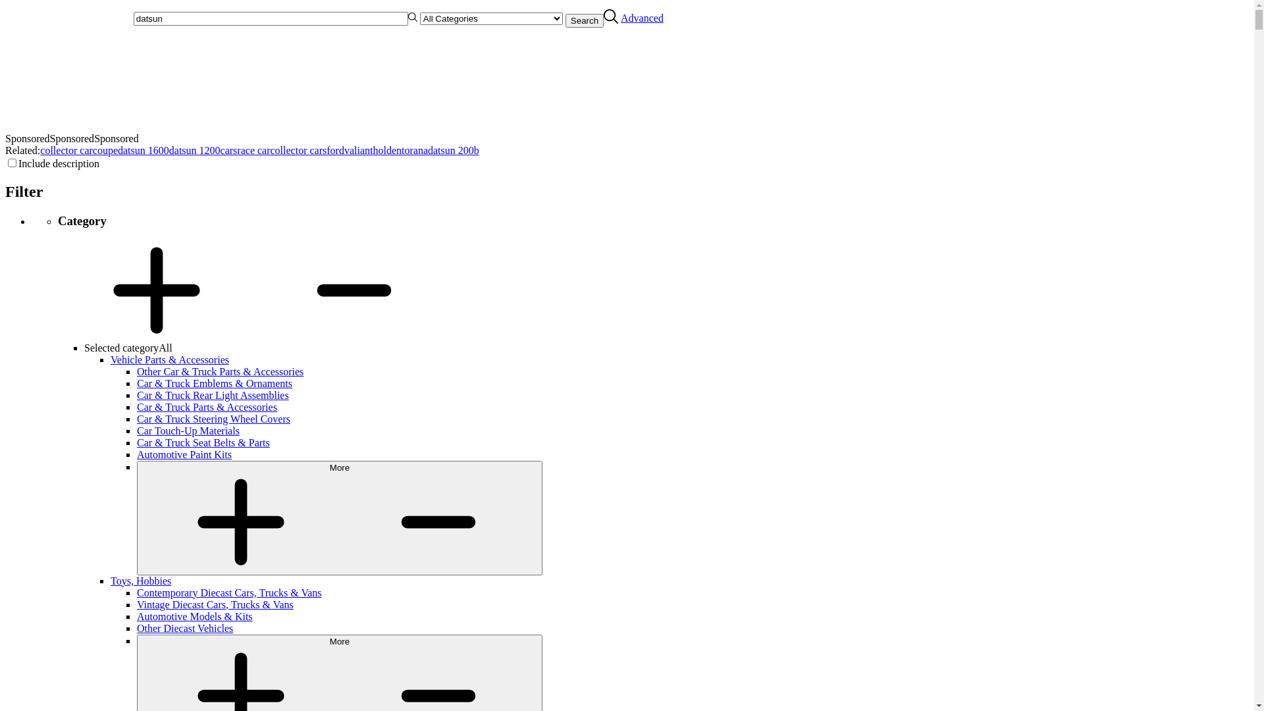  I want to click on 'Car & Truck Steering Wheel Covers', so click(136, 419).